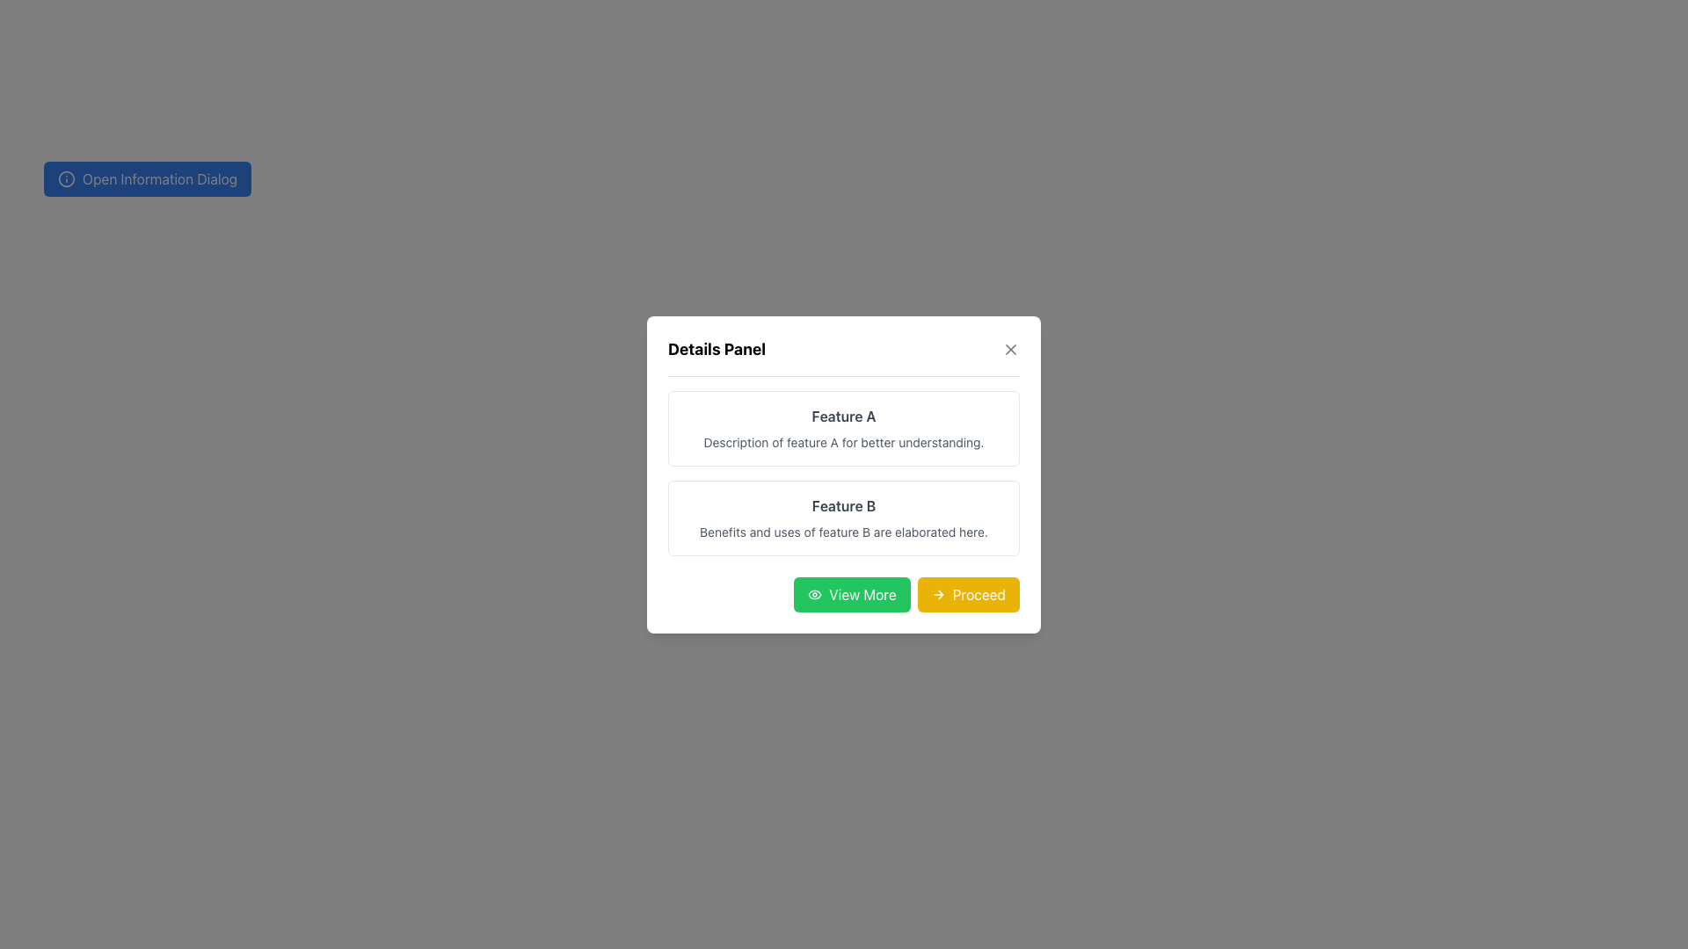  Describe the element at coordinates (814, 593) in the screenshot. I see `the eye-shaped icon that is part of the 'View More' button located at the bottom of the 'Details Panel' dialog box` at that location.